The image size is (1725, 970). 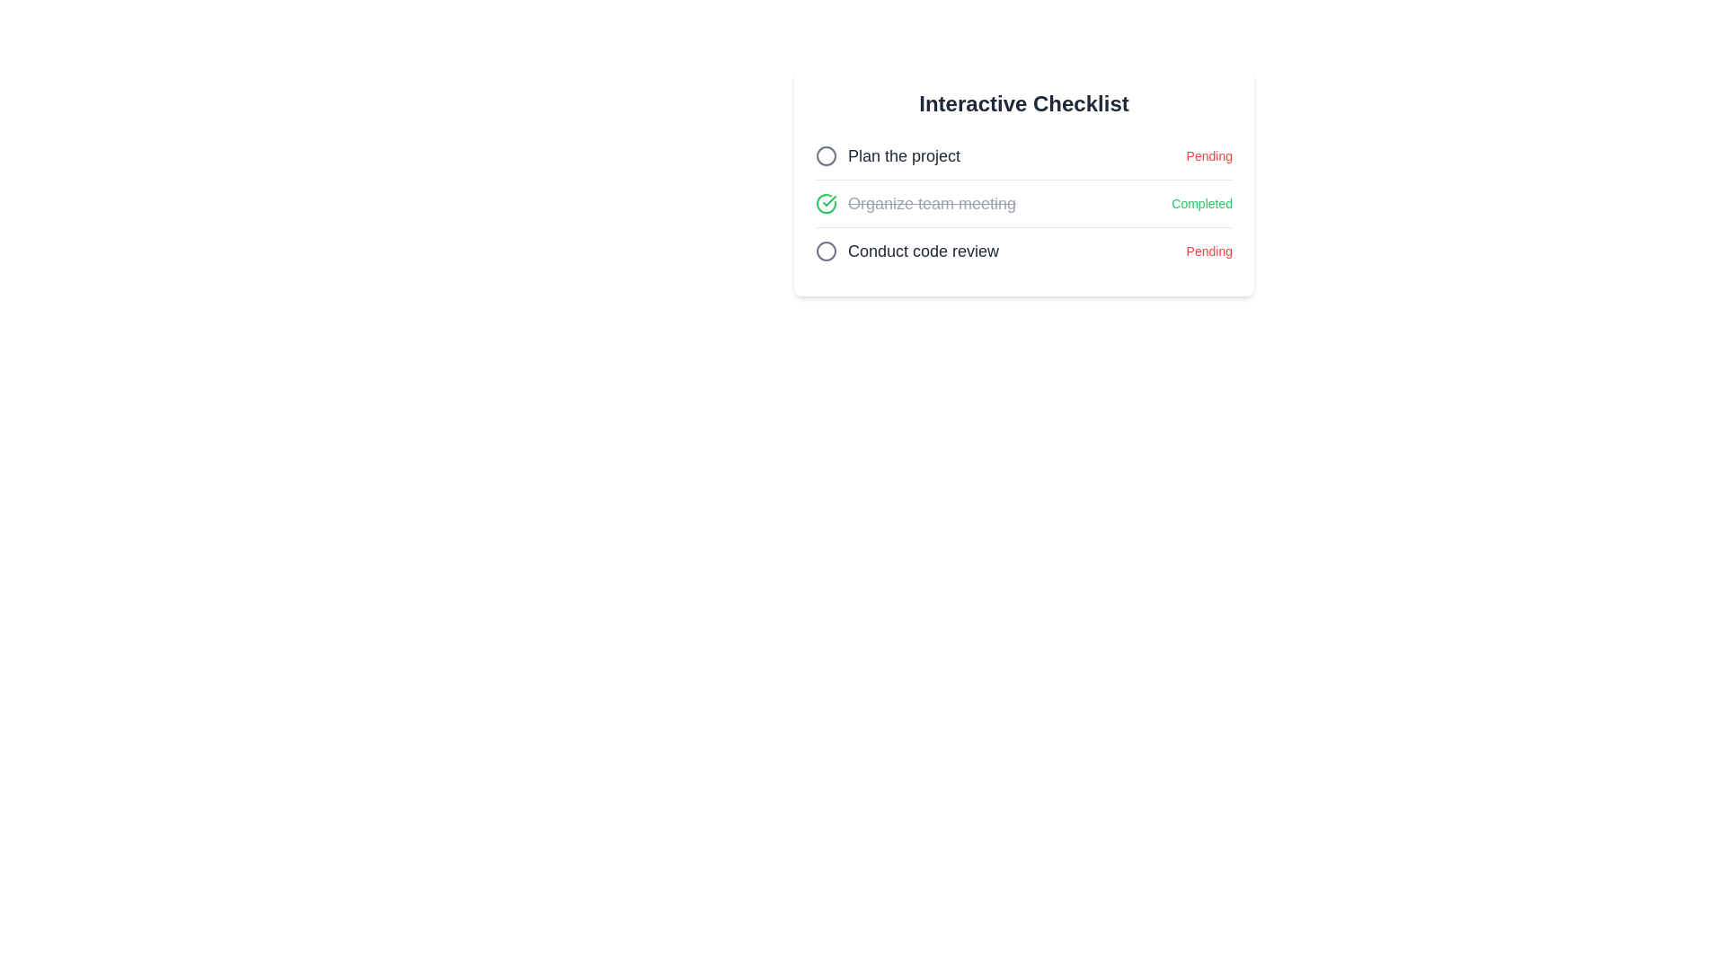 I want to click on the checkmark icon representing a completed task in the checklist next to 'Organize team meeting', so click(x=828, y=200).